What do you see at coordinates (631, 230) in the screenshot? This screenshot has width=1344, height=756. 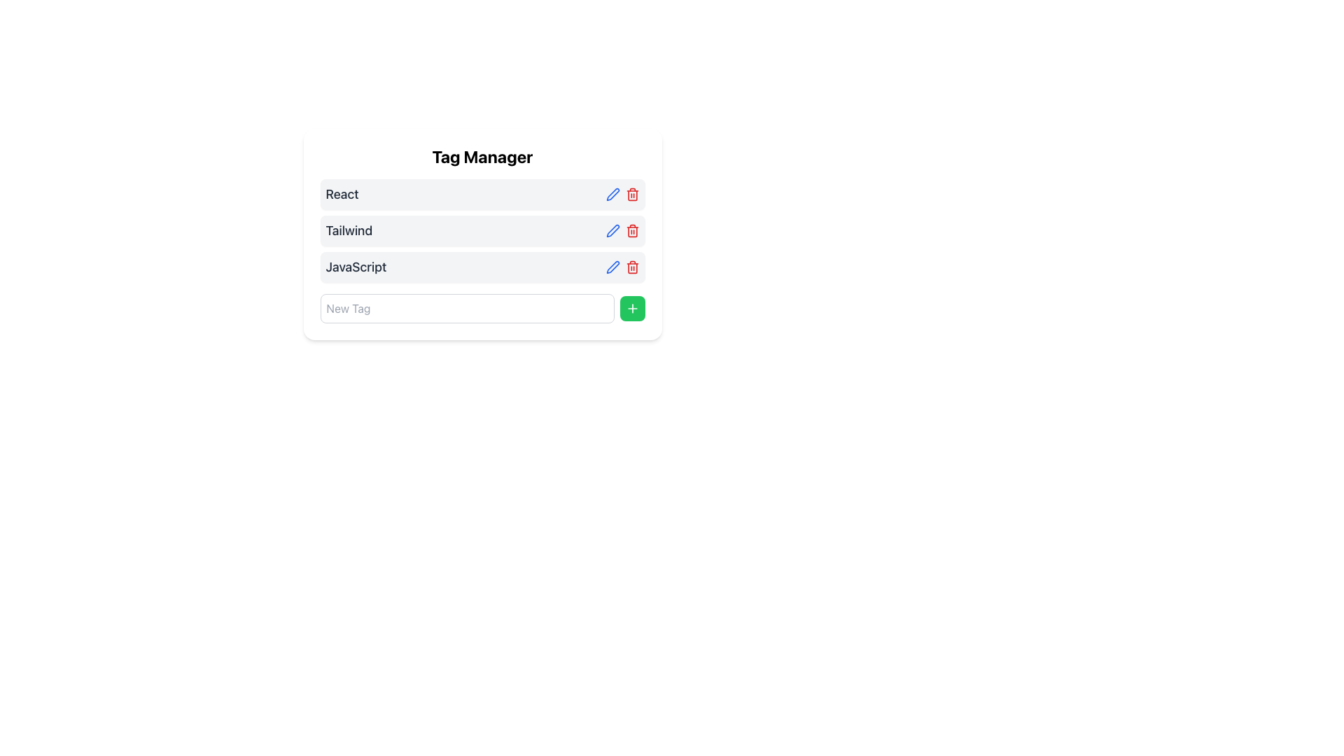 I see `the delete button located to the right of the blue pencil icon in the second row of the list` at bounding box center [631, 230].